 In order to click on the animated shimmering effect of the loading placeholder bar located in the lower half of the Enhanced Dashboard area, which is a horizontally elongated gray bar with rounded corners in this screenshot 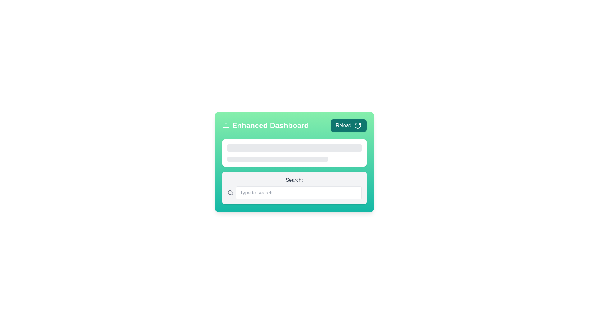, I will do `click(277, 159)`.